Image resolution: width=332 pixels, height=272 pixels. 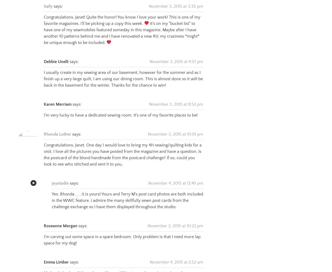 What do you see at coordinates (176, 55) in the screenshot?
I see `'November 3, 2015 at 4:57 pm'` at bounding box center [176, 55].